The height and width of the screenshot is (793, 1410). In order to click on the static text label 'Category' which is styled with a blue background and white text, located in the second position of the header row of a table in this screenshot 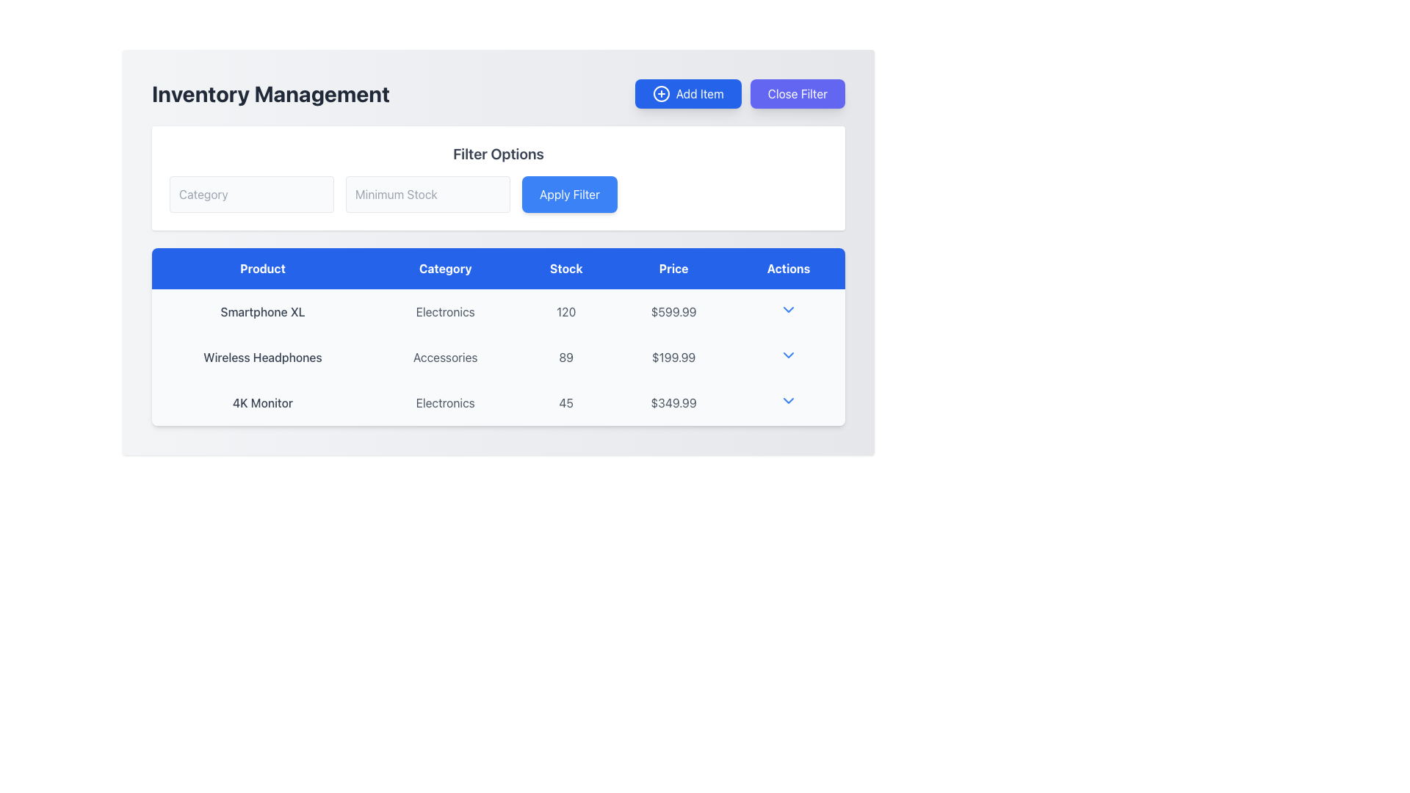, I will do `click(444, 269)`.